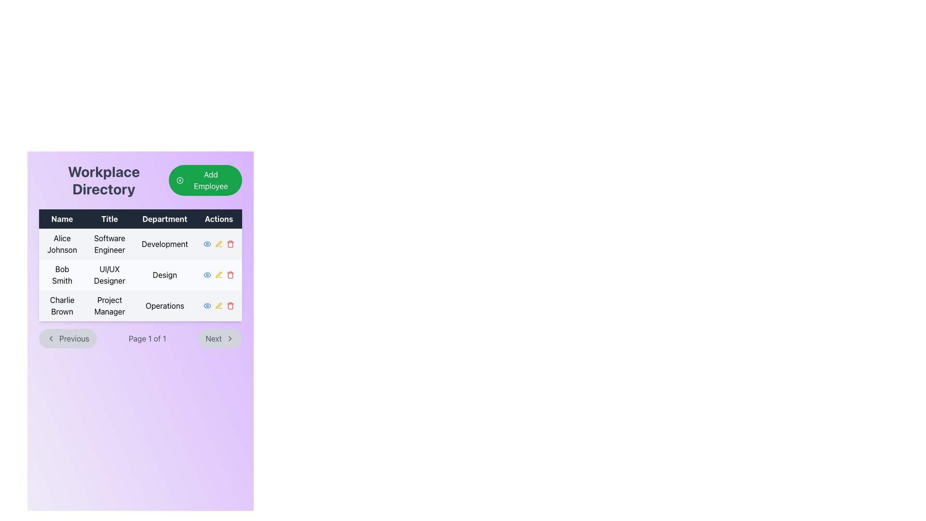 The height and width of the screenshot is (521, 926). What do you see at coordinates (218, 305) in the screenshot?
I see `each interactive icon in the group under the 'Actions' column for the row associated with 'Charlie Brown'` at bounding box center [218, 305].